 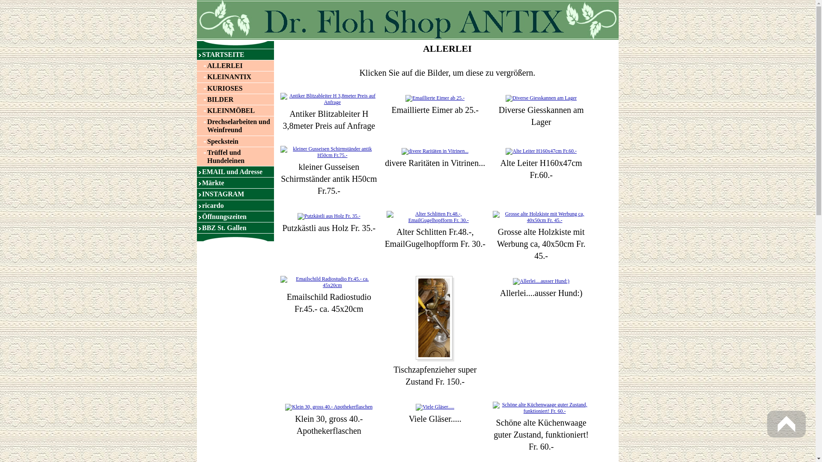 What do you see at coordinates (235, 65) in the screenshot?
I see `'ALLERLEI'` at bounding box center [235, 65].